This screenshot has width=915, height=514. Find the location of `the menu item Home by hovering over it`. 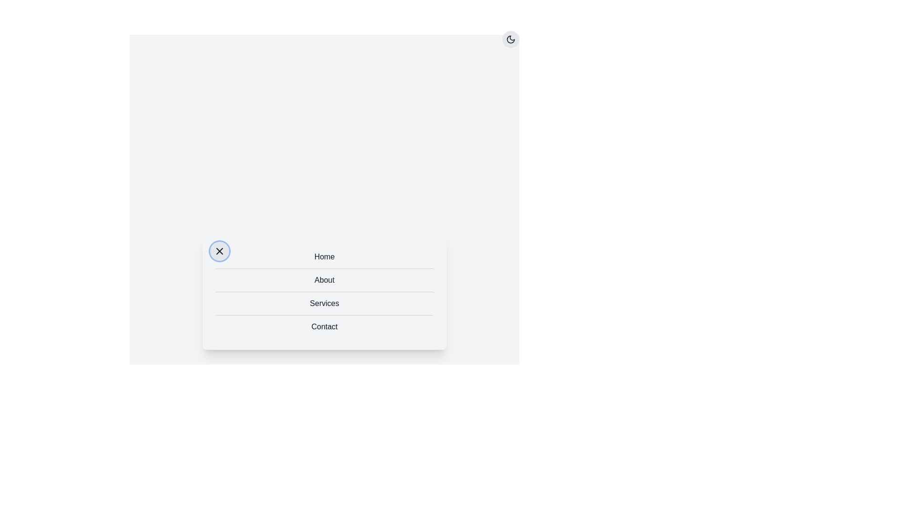

the menu item Home by hovering over it is located at coordinates (325, 256).